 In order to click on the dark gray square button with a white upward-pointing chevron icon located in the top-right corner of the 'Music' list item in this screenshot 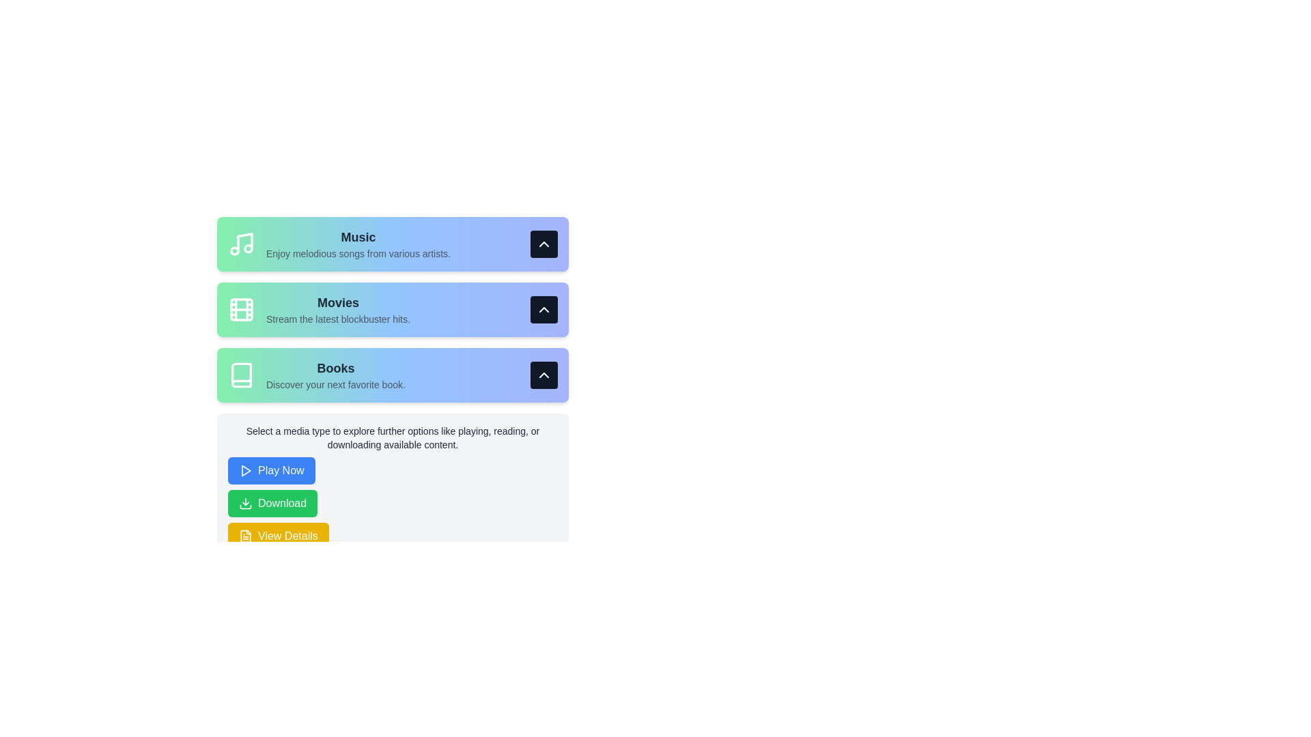, I will do `click(543, 244)`.